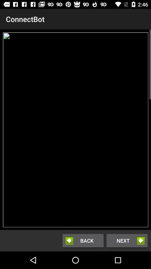 This screenshot has width=151, height=269. I want to click on the button next to the next, so click(83, 240).